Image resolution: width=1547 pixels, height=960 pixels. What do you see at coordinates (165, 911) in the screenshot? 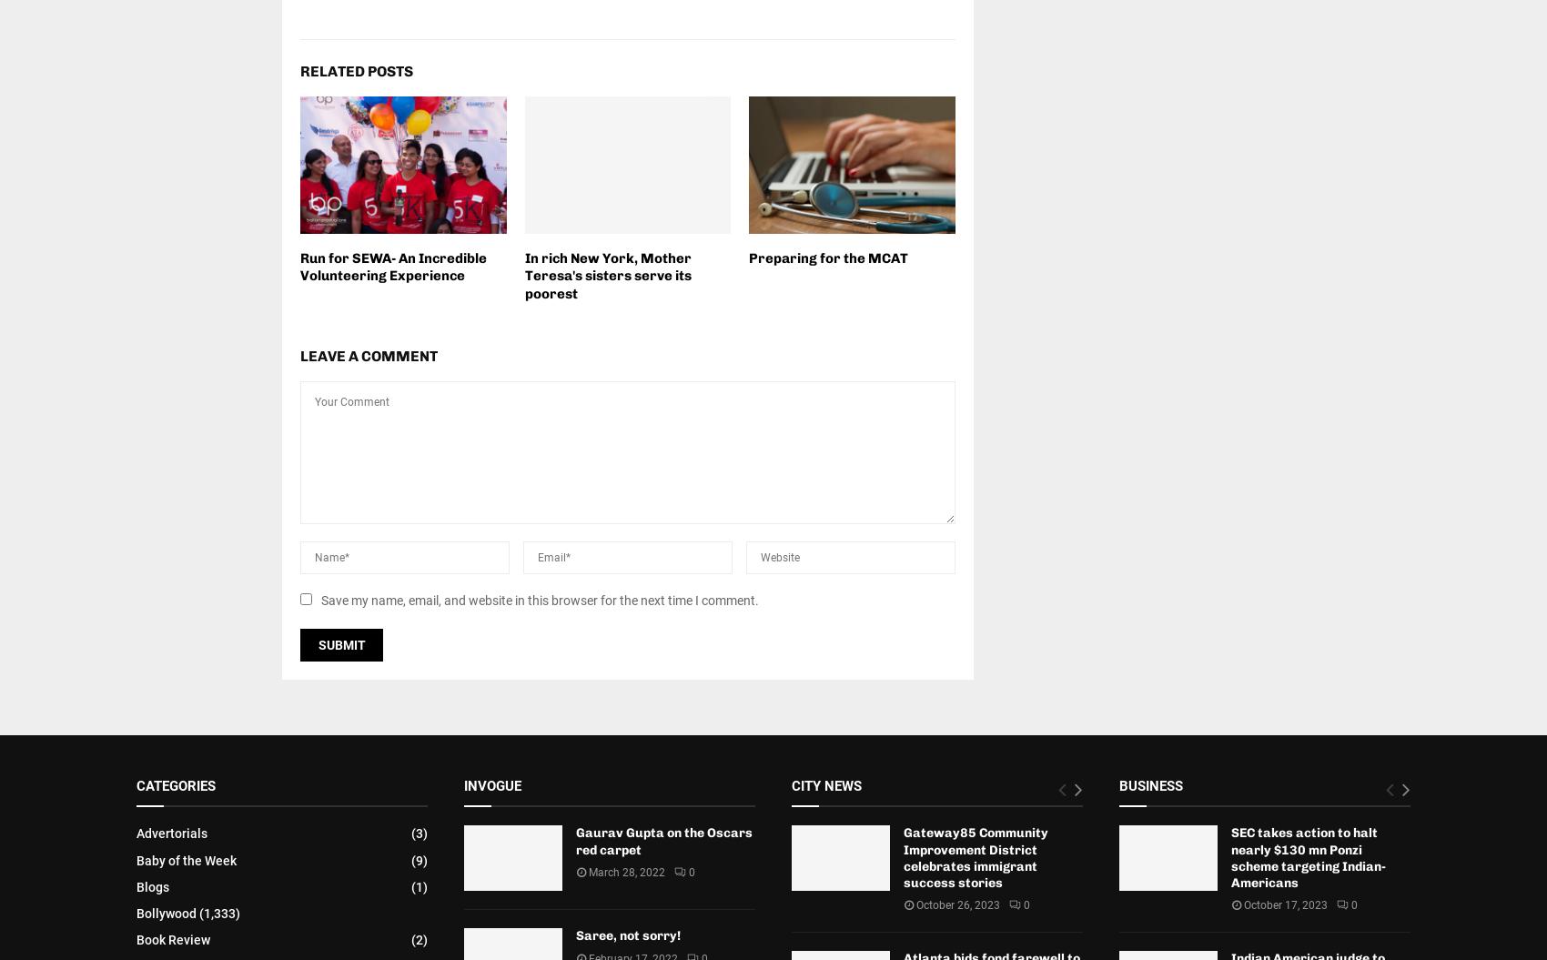
I see `'Bollywood'` at bounding box center [165, 911].